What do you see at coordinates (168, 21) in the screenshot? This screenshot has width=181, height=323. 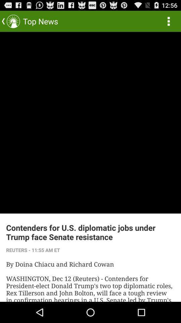 I see `the item next to top news app` at bounding box center [168, 21].